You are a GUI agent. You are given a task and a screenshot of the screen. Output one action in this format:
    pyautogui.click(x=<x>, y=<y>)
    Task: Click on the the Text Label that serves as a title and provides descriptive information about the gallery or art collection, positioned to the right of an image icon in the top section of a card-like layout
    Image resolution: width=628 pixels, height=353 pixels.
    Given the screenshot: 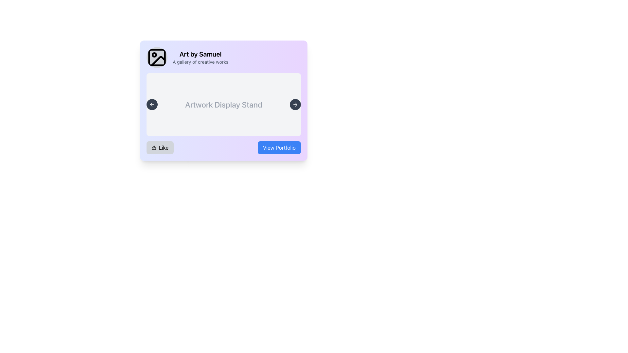 What is the action you would take?
    pyautogui.click(x=224, y=57)
    